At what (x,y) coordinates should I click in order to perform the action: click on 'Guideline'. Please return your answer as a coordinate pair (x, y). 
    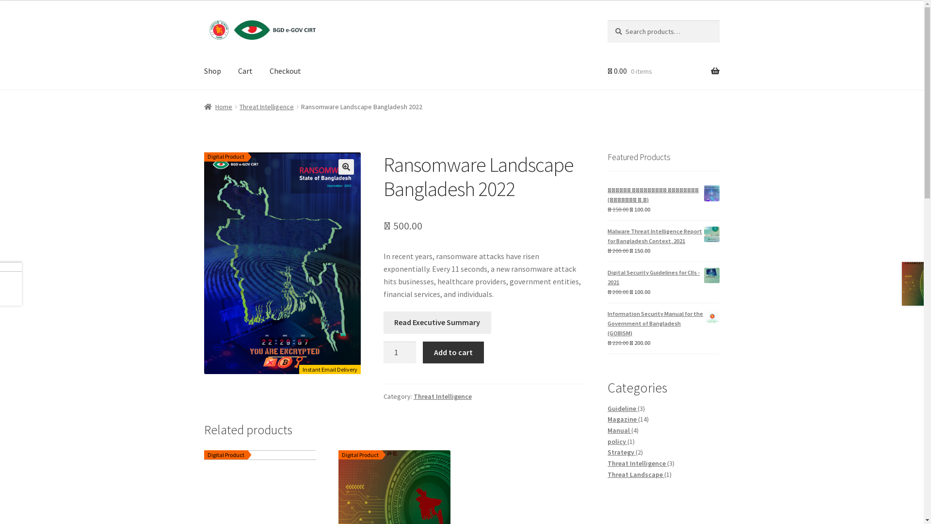
    Looking at the image, I should click on (622, 408).